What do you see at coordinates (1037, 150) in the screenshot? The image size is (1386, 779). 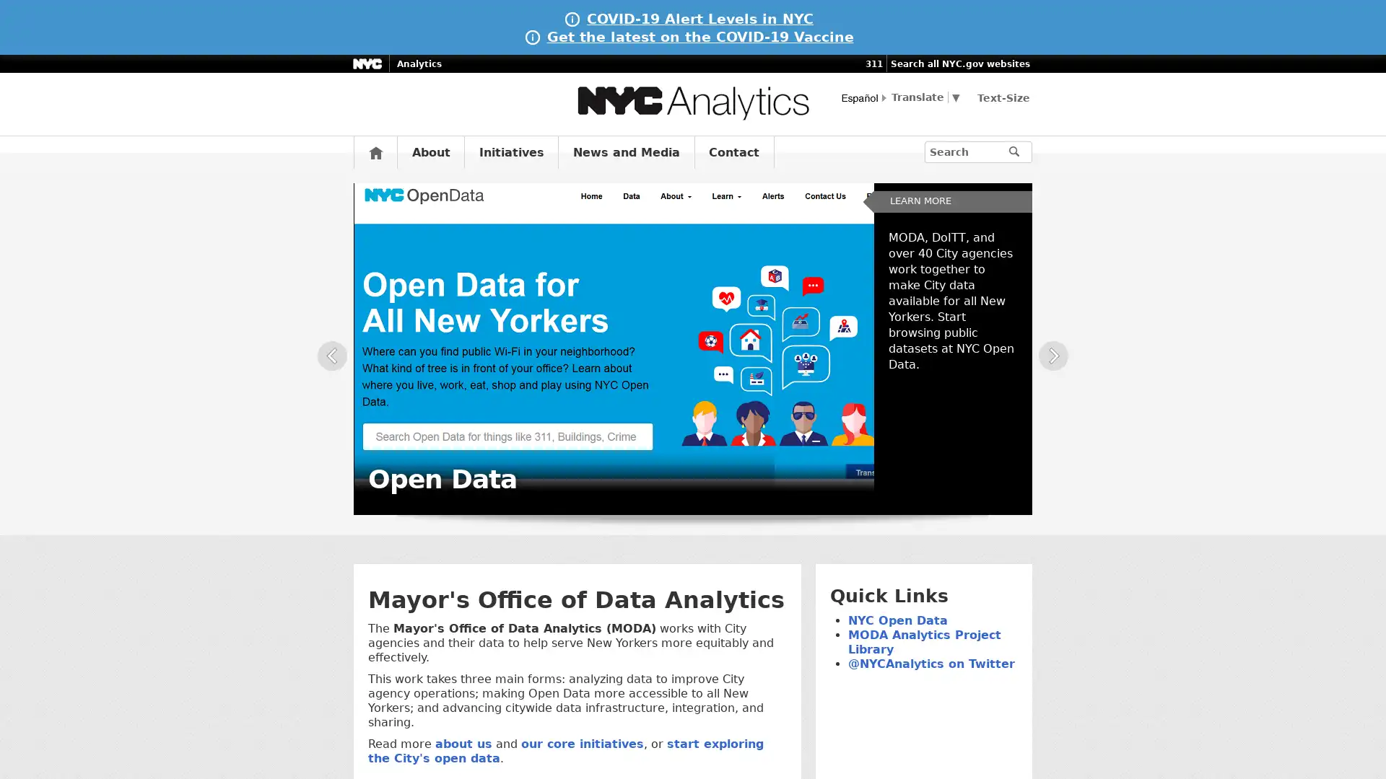 I see `Submit` at bounding box center [1037, 150].